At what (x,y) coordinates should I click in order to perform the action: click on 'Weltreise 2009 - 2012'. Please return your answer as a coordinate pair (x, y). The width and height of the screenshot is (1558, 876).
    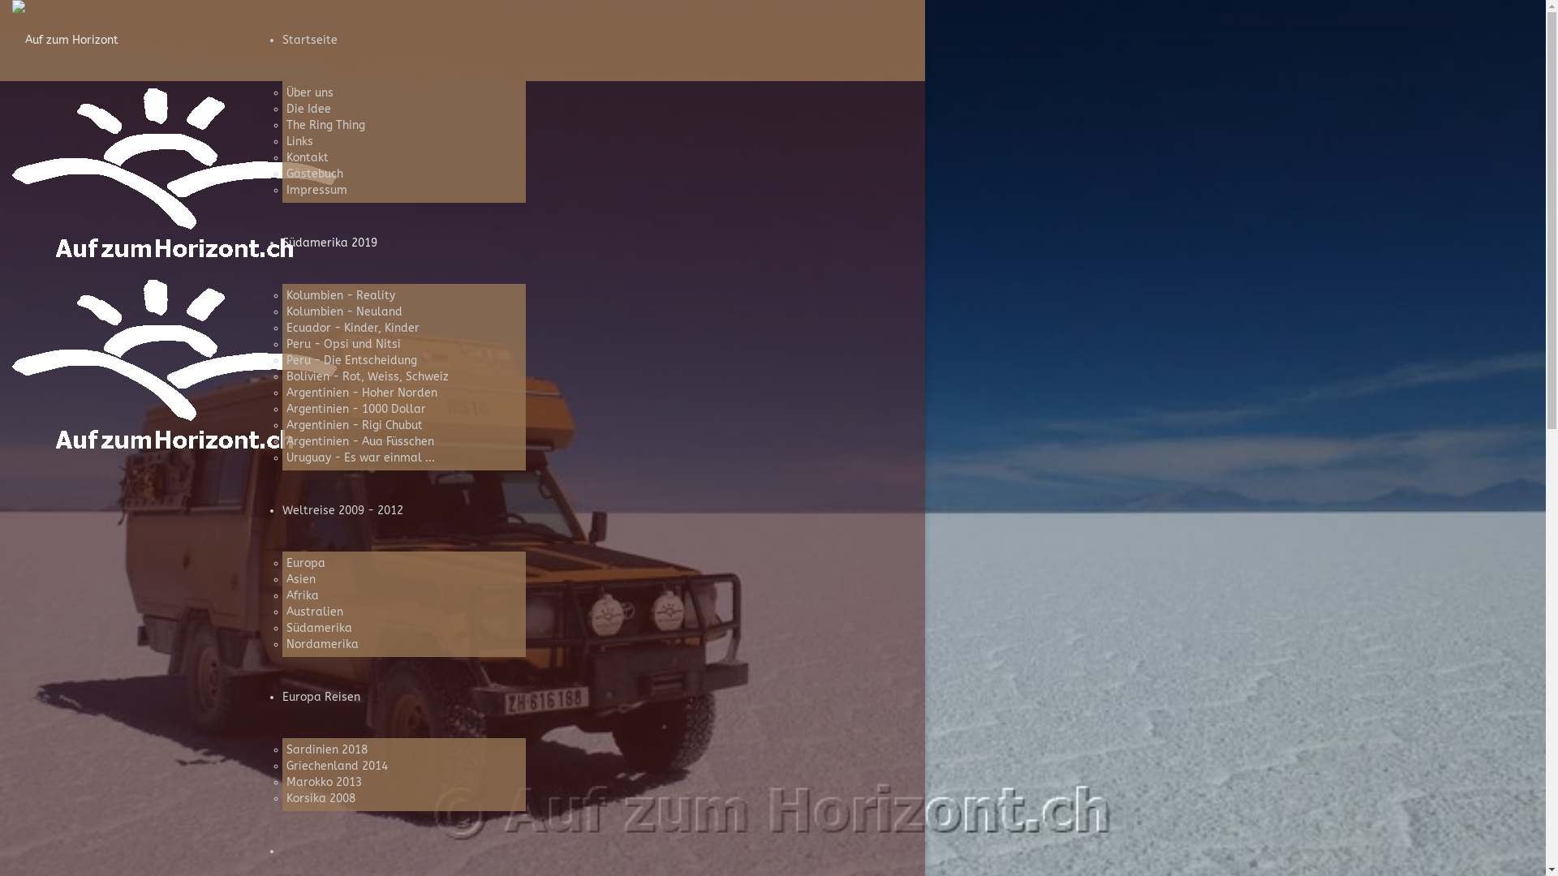
    Looking at the image, I should click on (342, 509).